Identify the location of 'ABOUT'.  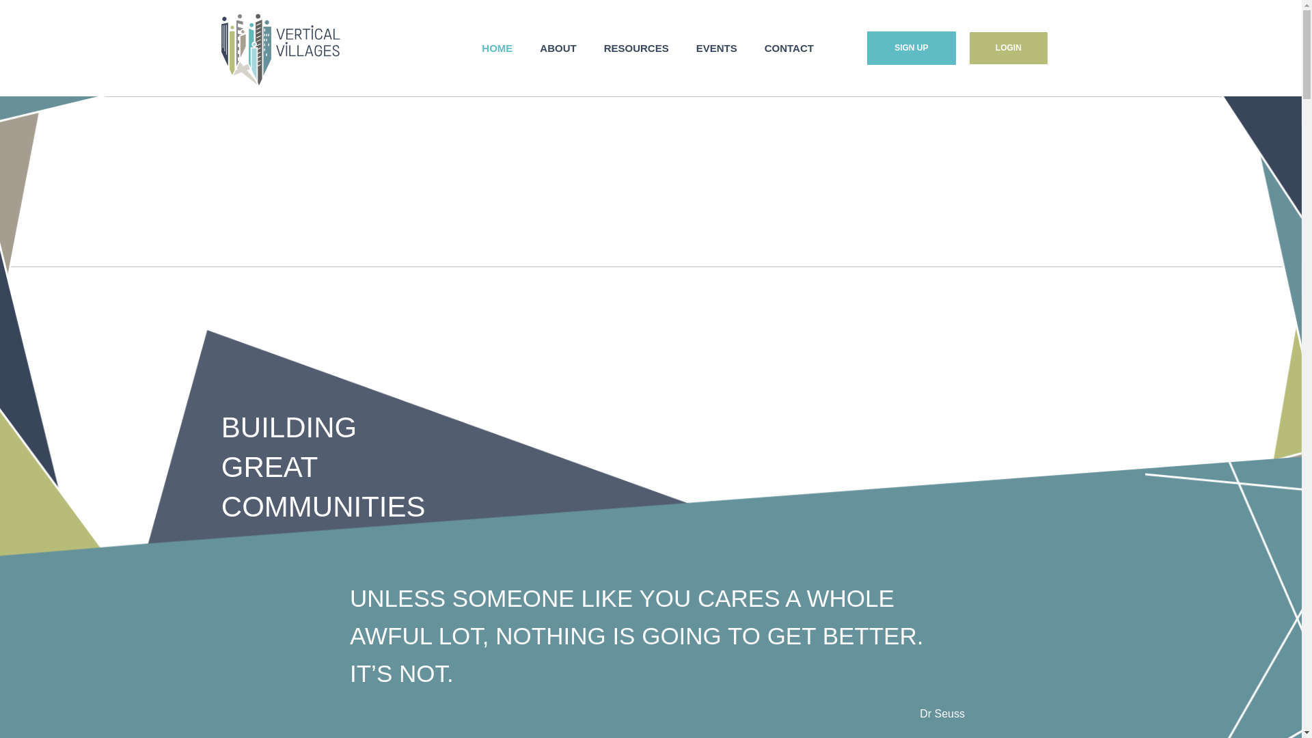
(525, 47).